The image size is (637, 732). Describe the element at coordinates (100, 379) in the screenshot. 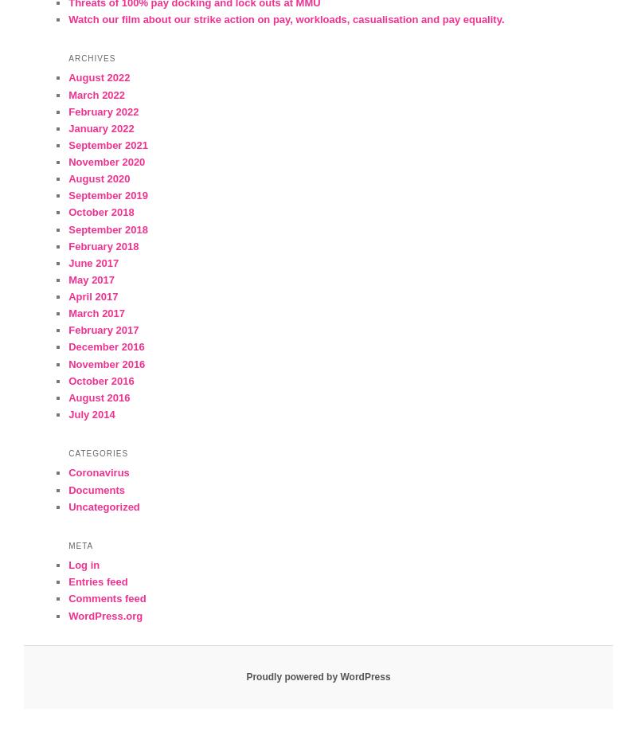

I see `'October 2016'` at that location.